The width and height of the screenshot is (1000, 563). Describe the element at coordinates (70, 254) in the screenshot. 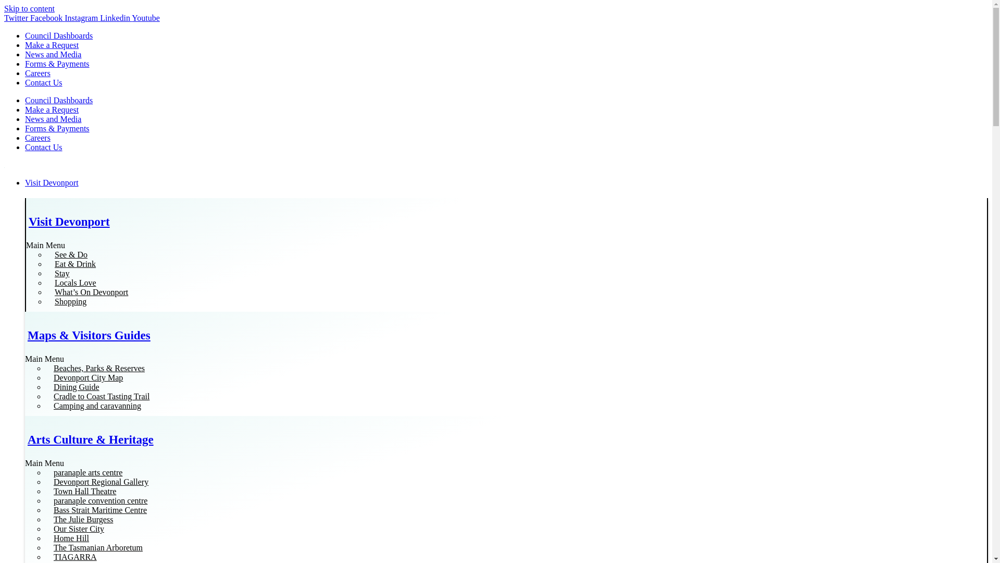

I see `'See & Do'` at that location.